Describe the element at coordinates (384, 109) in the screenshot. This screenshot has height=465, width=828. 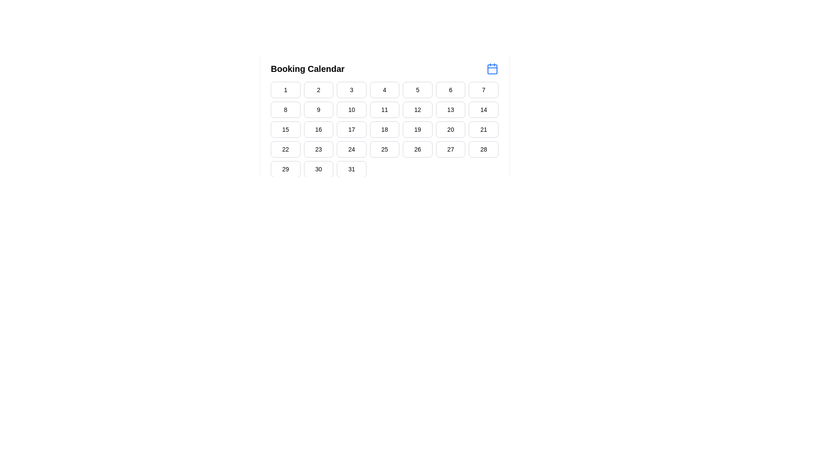
I see `the button representing the date '11'` at that location.